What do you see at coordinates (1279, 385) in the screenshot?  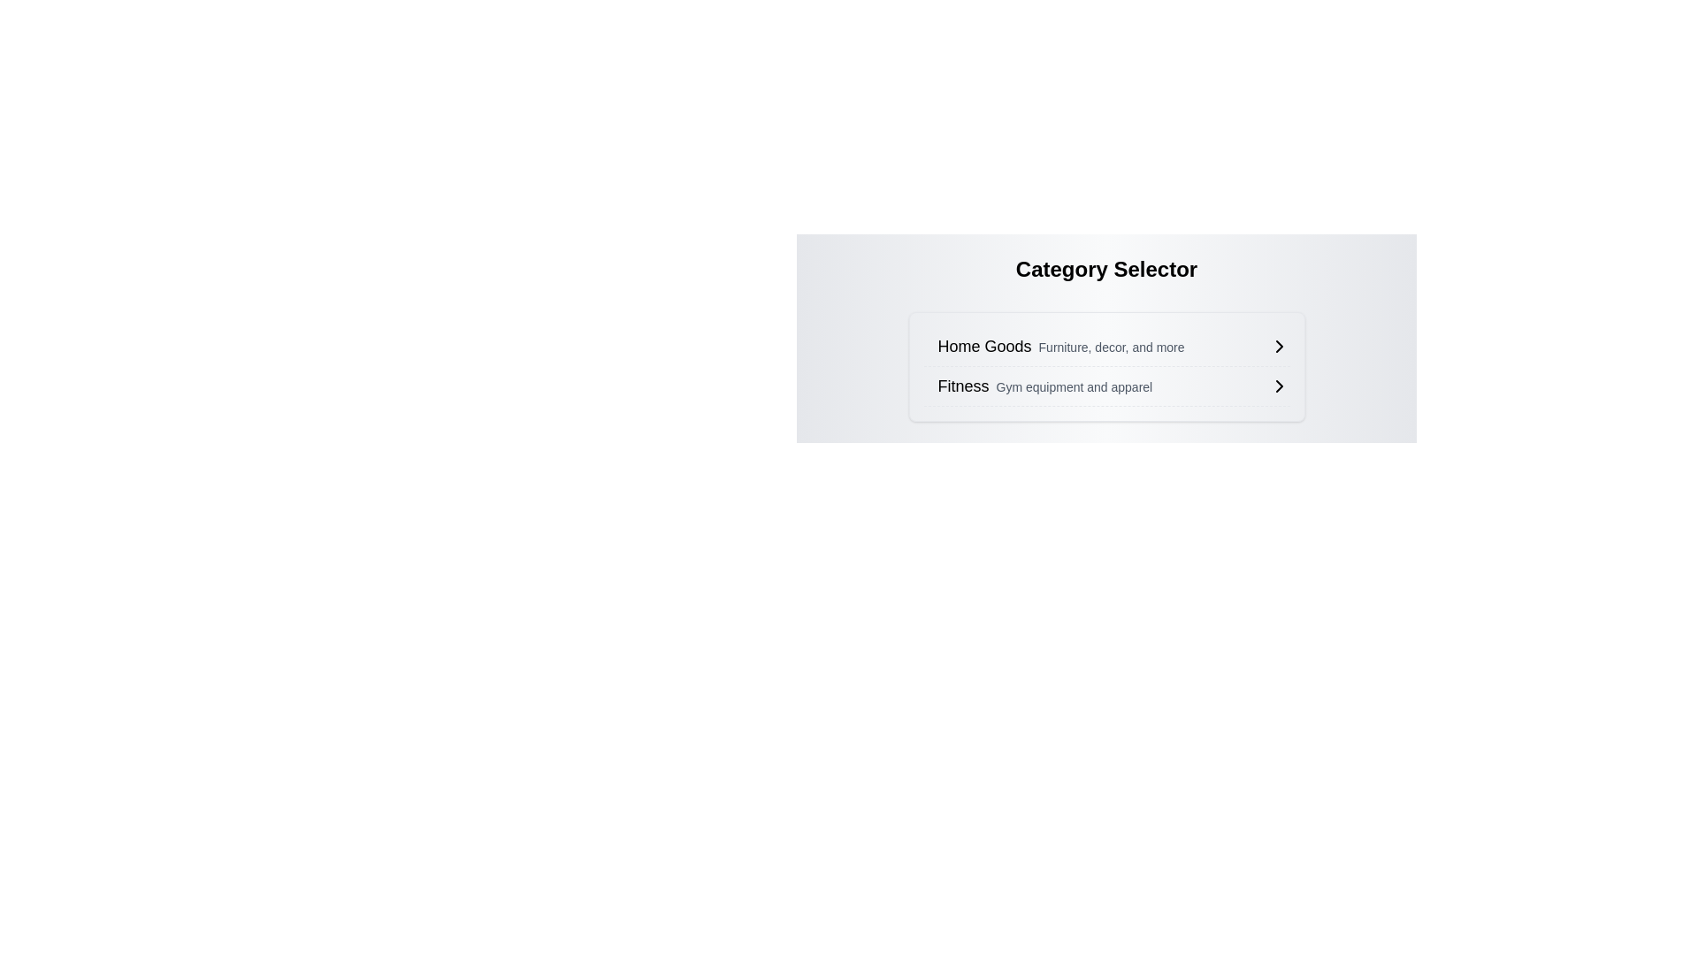 I see `the rightward-pointing chevron icon styled in black, located at the right end of the 'Fitness' text` at bounding box center [1279, 385].